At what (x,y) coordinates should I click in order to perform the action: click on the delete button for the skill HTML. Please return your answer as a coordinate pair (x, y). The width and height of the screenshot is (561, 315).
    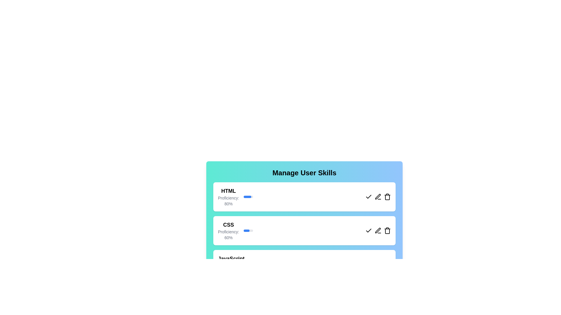
    Looking at the image, I should click on (387, 197).